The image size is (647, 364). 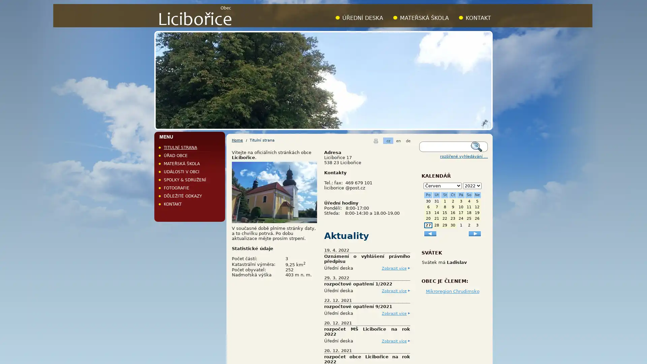 I want to click on dalsi, so click(x=474, y=233).